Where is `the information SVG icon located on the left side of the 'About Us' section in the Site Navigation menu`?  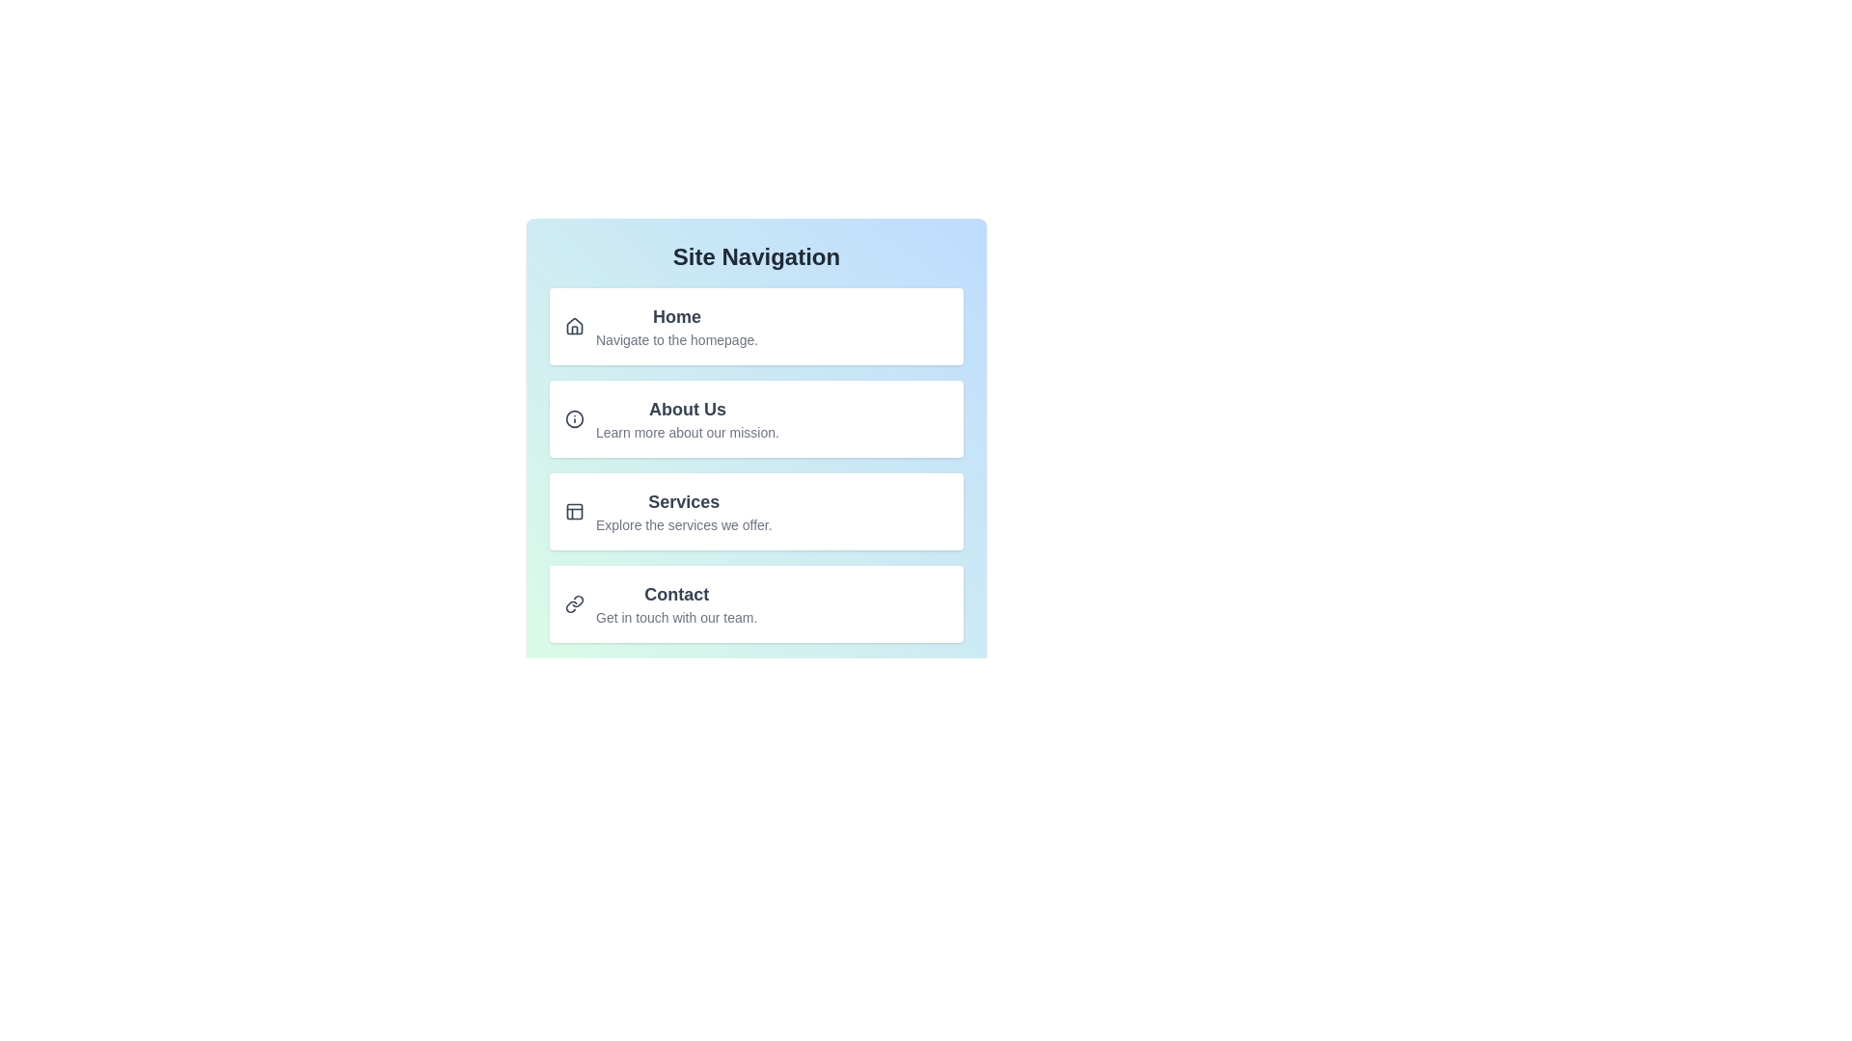
the information SVG icon located on the left side of the 'About Us' section in the Site Navigation menu is located at coordinates (573, 418).